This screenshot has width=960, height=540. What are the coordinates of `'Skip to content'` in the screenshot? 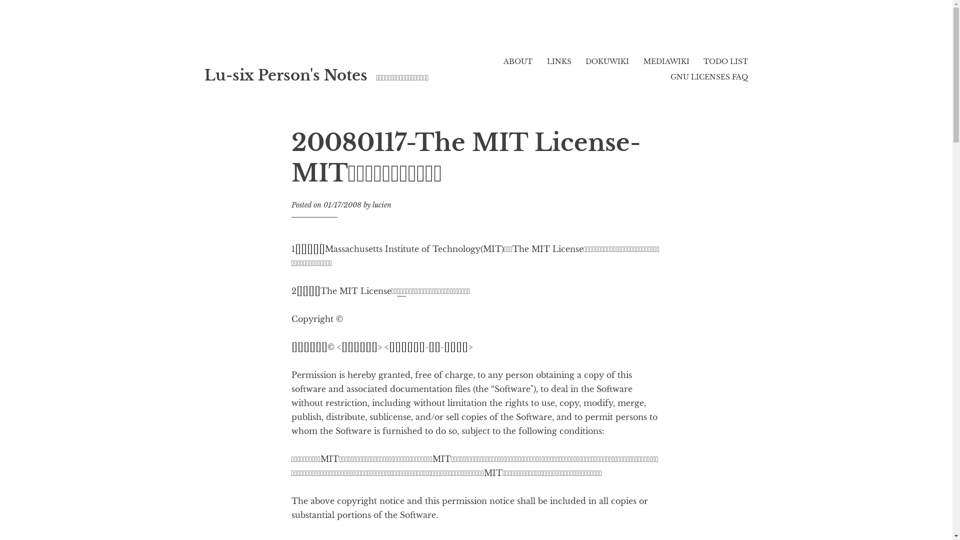 It's located at (203, 39).